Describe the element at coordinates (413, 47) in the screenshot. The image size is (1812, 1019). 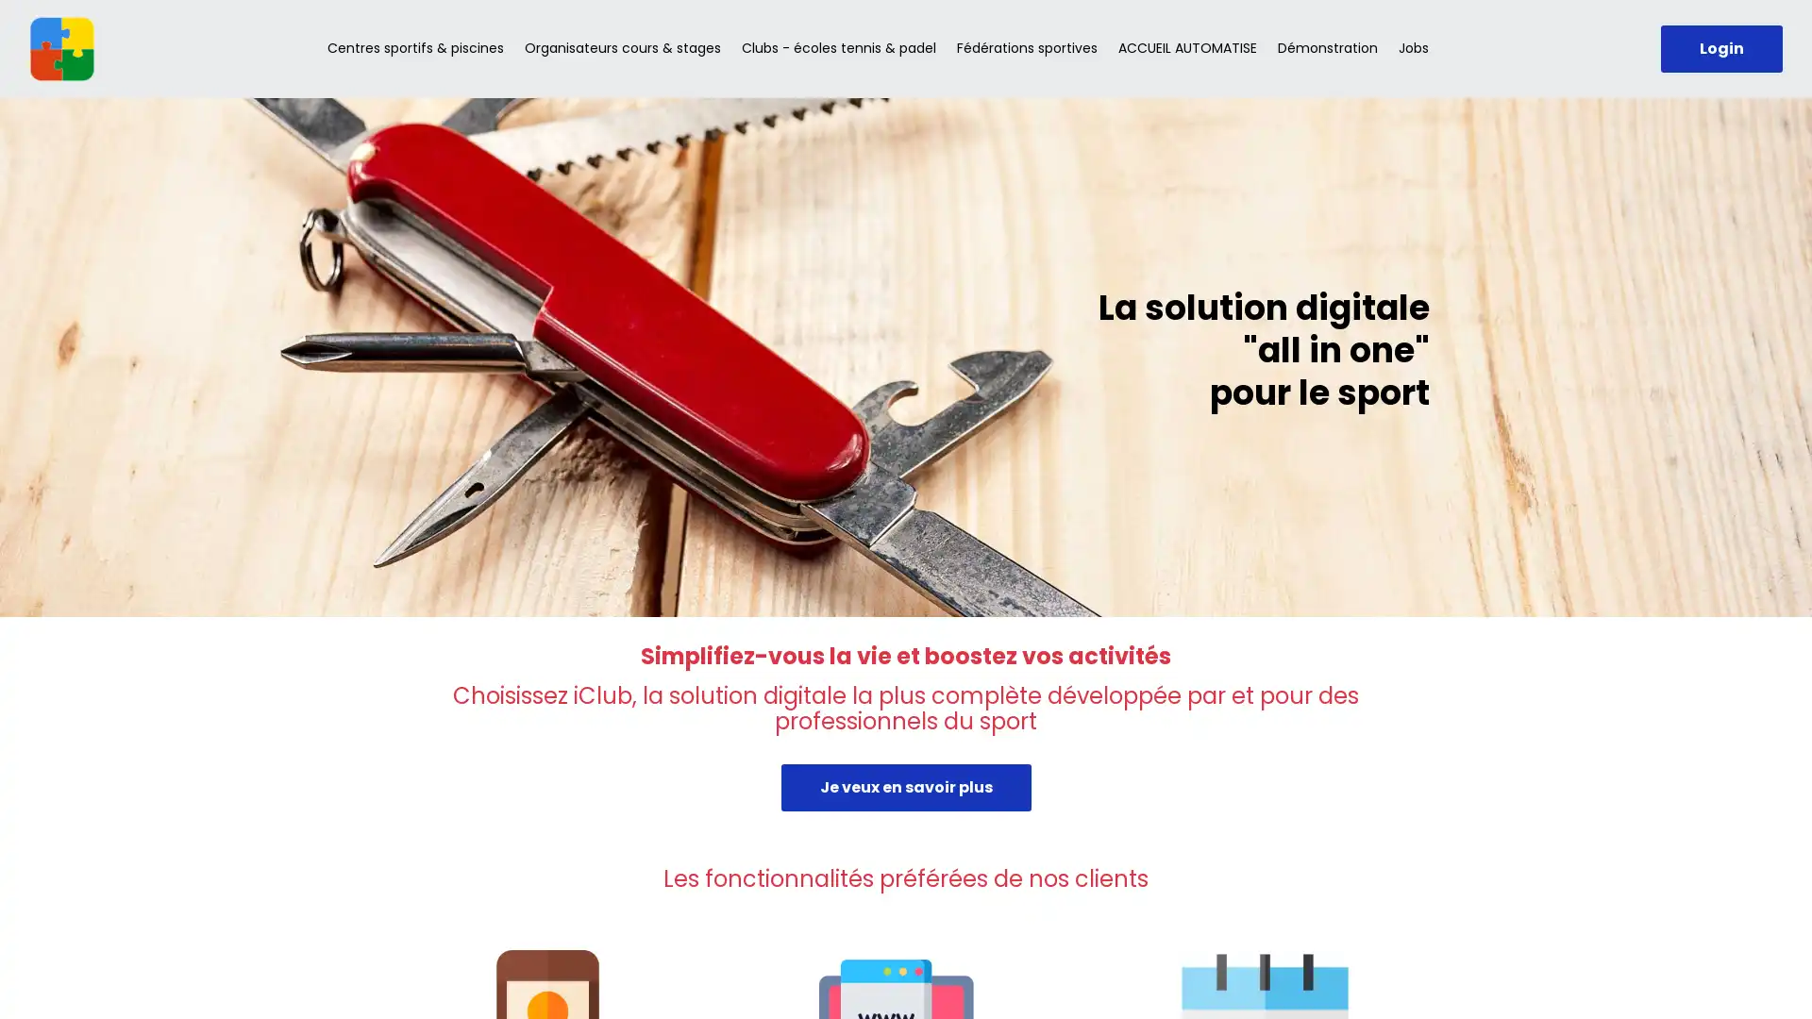
I see `Centres sportifs & piscines` at that location.